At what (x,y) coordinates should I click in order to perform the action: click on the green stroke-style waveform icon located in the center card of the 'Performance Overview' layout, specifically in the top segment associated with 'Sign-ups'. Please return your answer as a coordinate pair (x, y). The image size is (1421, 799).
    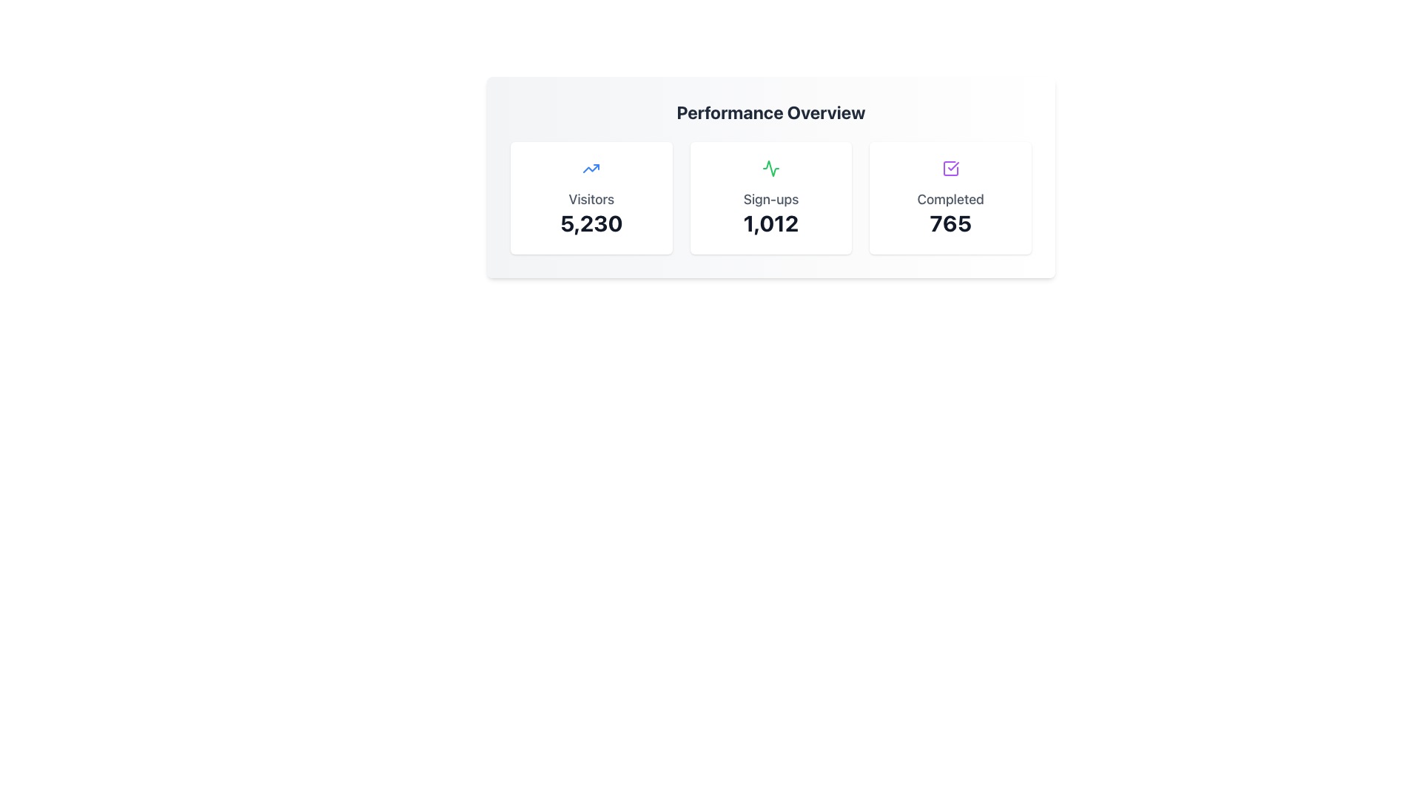
    Looking at the image, I should click on (770, 167).